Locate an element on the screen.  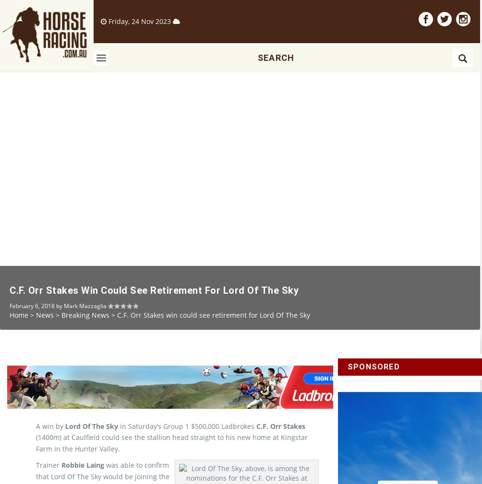
'(1400m) at Caulfield could see the stallion head straight to his new home at Kingstar Farm in the Hunter Valley.' is located at coordinates (172, 459).